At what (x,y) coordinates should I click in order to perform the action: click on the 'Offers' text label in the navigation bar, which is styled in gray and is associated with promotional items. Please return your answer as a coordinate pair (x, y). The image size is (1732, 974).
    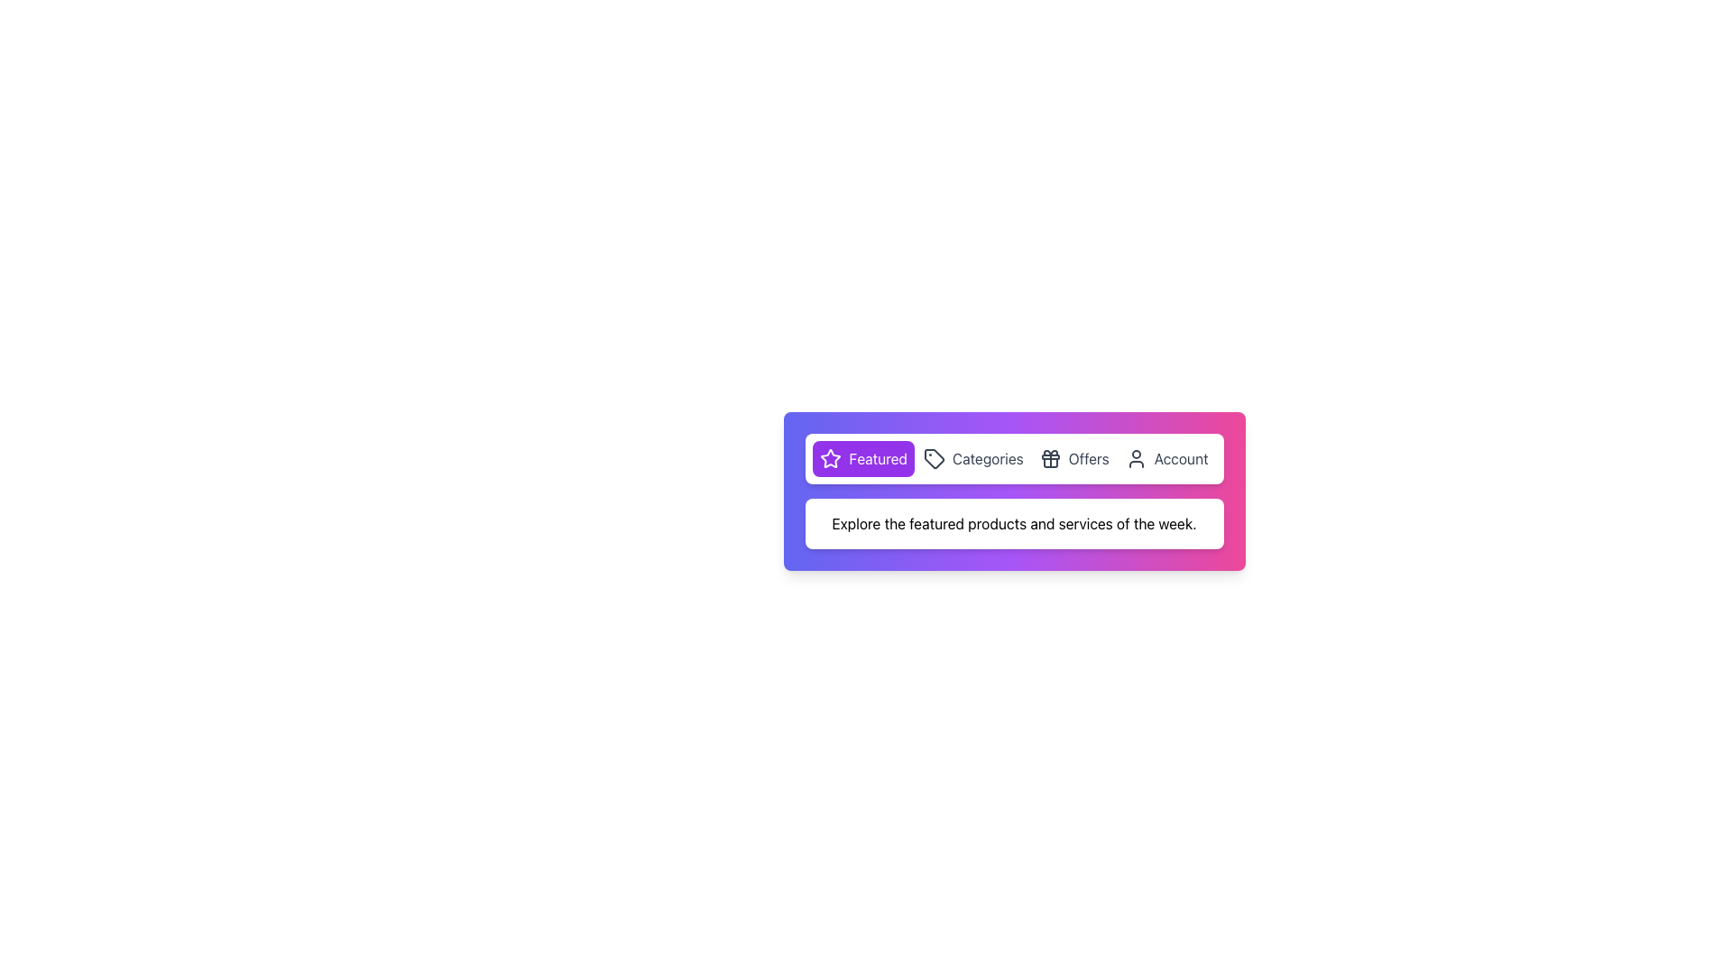
    Looking at the image, I should click on (1088, 458).